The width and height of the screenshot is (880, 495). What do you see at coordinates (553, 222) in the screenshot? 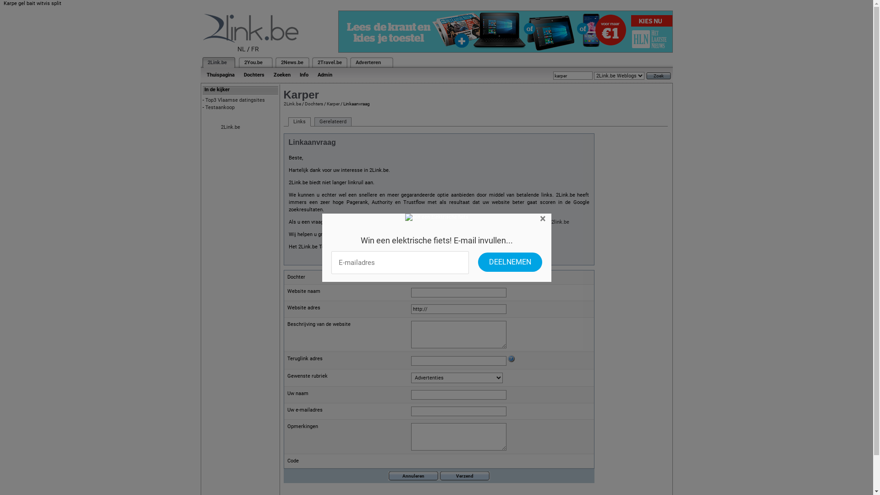
I see `'info@2link.be'` at bounding box center [553, 222].